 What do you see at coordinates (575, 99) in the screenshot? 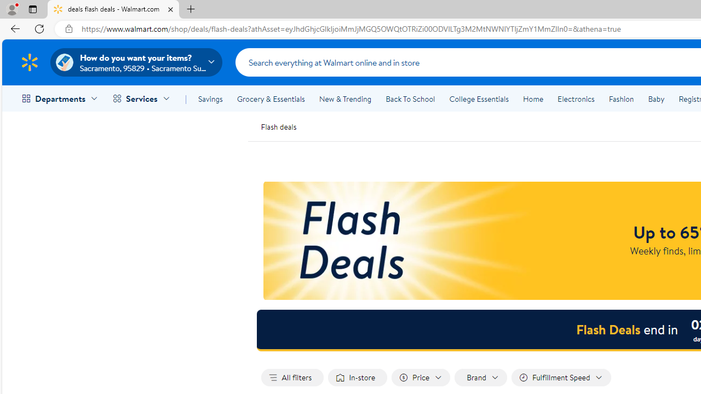
I see `'Electronics'` at bounding box center [575, 99].